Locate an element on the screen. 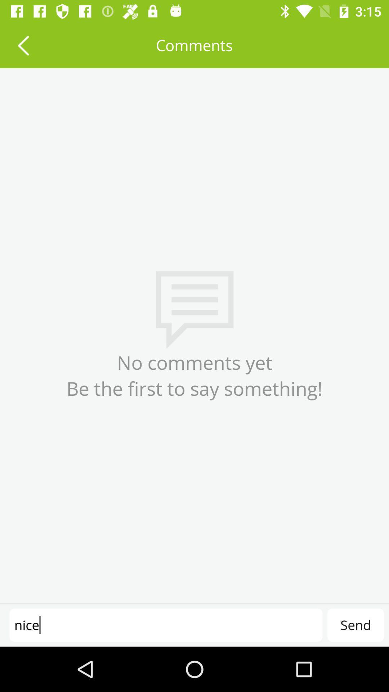  previous page is located at coordinates (23, 45).